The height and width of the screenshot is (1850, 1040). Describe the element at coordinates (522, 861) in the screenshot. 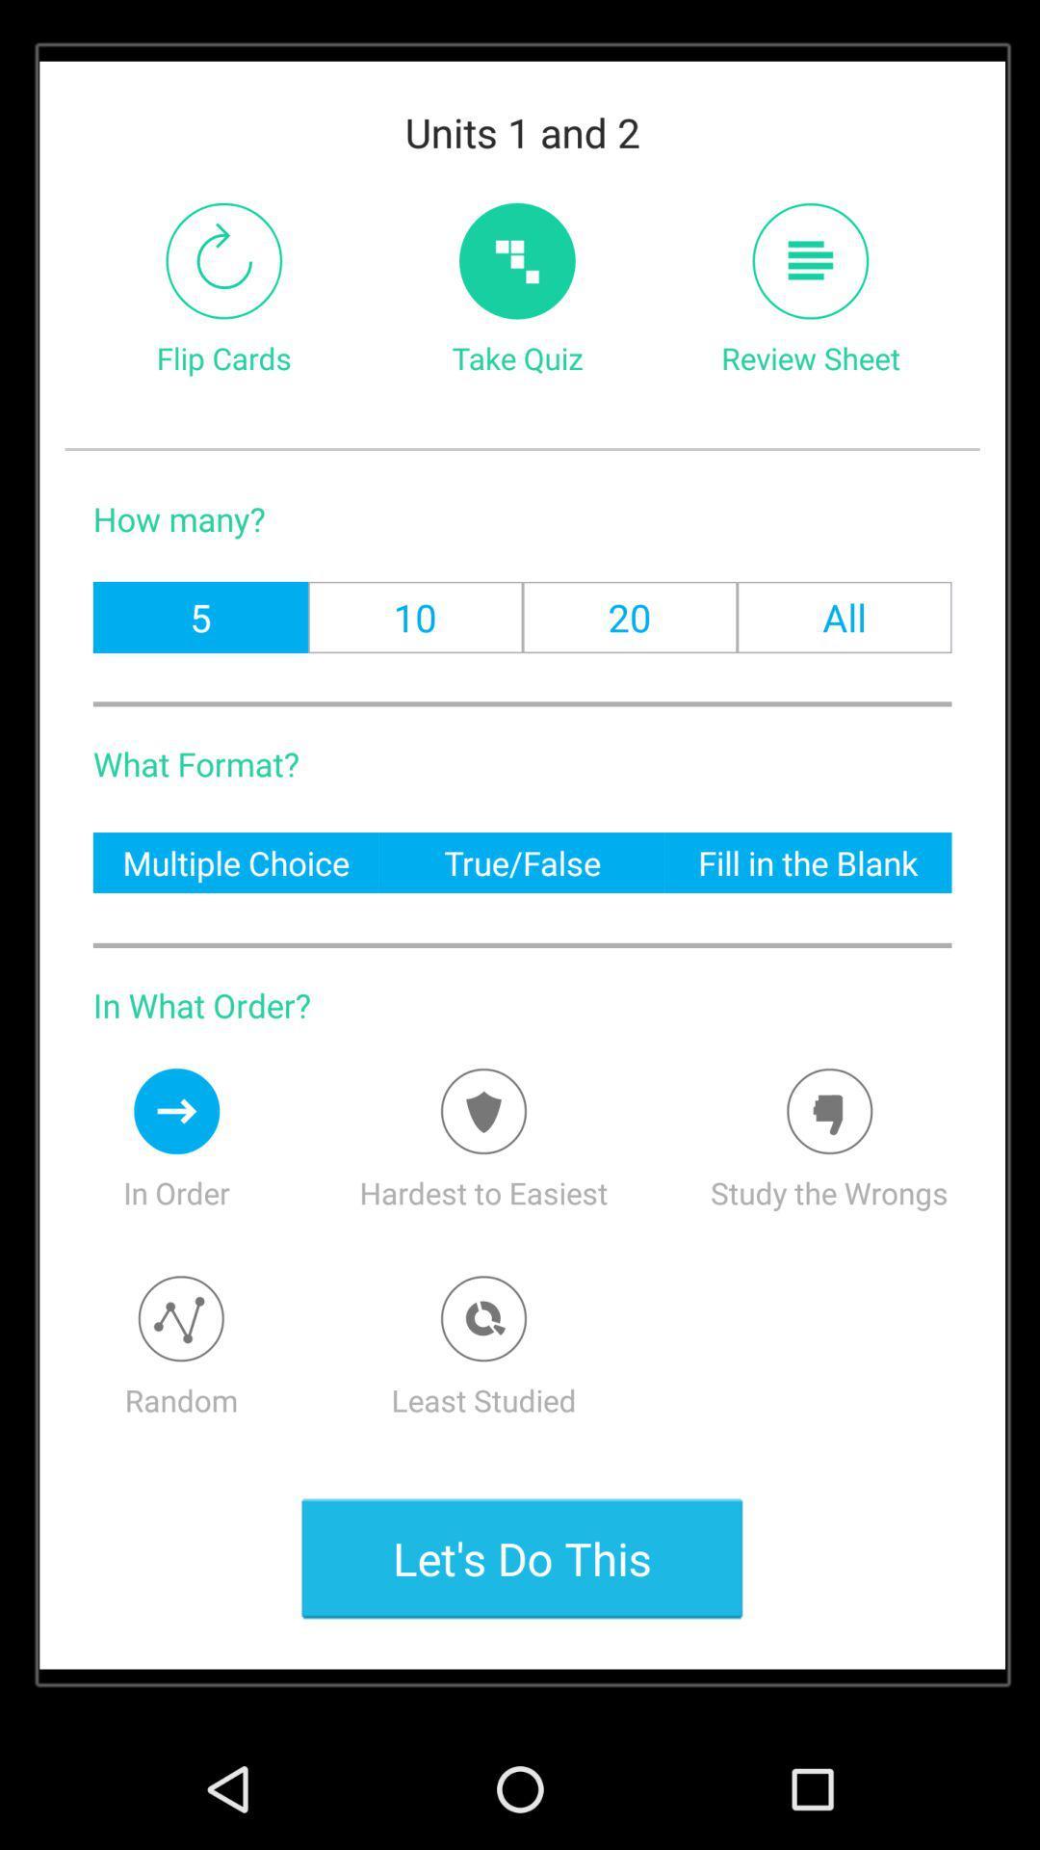

I see `the icon to the left of fill in the` at that location.